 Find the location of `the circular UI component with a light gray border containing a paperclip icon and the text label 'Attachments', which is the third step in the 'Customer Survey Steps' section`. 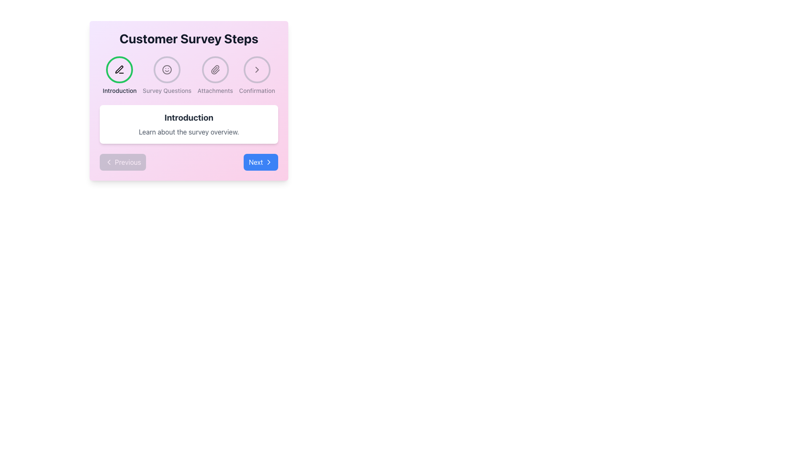

the circular UI component with a light gray border containing a paperclip icon and the text label 'Attachments', which is the third step in the 'Customer Survey Steps' section is located at coordinates (215, 76).